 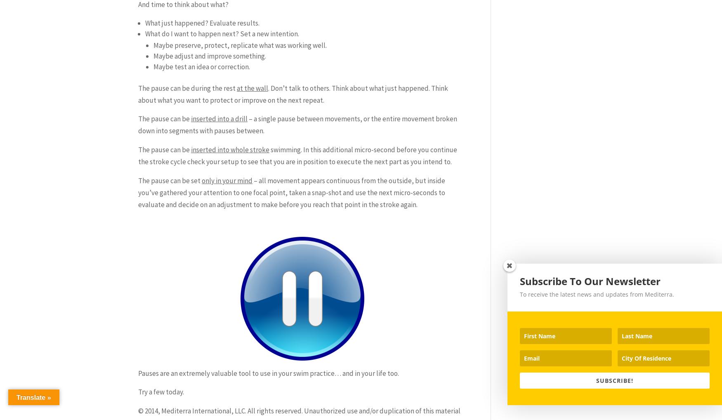 I want to click on 'Book Your Swim Training Session', so click(x=276, y=27).